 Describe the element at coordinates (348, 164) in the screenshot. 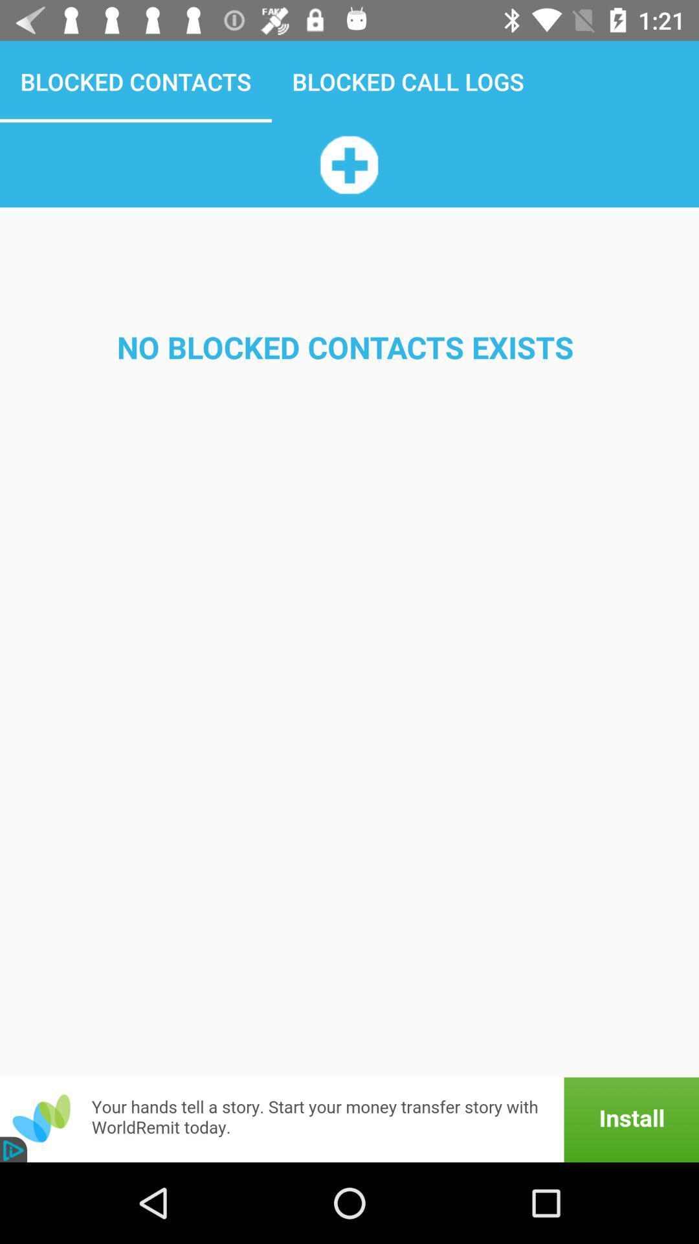

I see `a blocked contact` at that location.